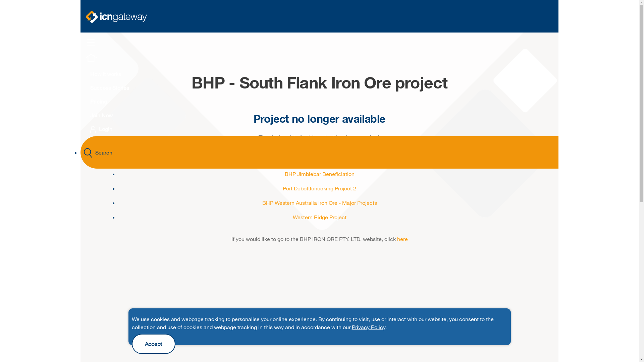  Describe the element at coordinates (88, 153) in the screenshot. I see `'Search Projects or Suppliers'` at that location.